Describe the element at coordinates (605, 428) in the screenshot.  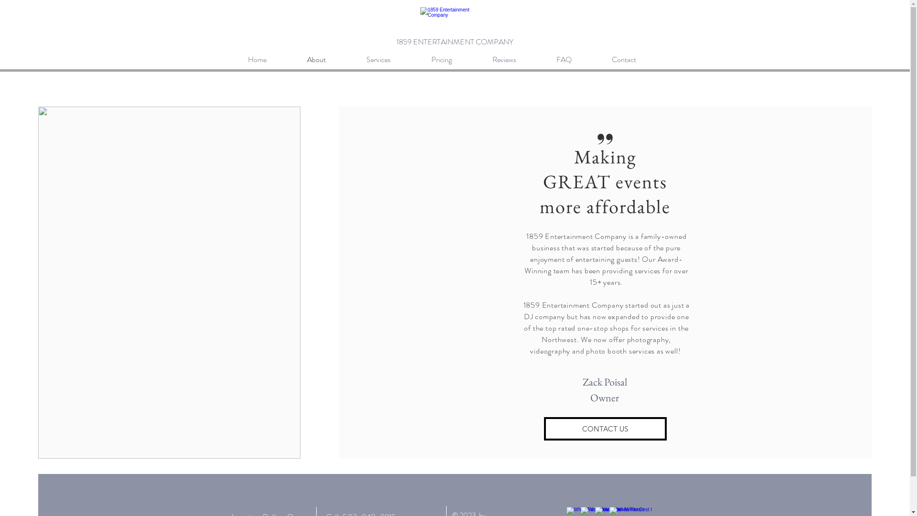
I see `'CONTACT US'` at that location.